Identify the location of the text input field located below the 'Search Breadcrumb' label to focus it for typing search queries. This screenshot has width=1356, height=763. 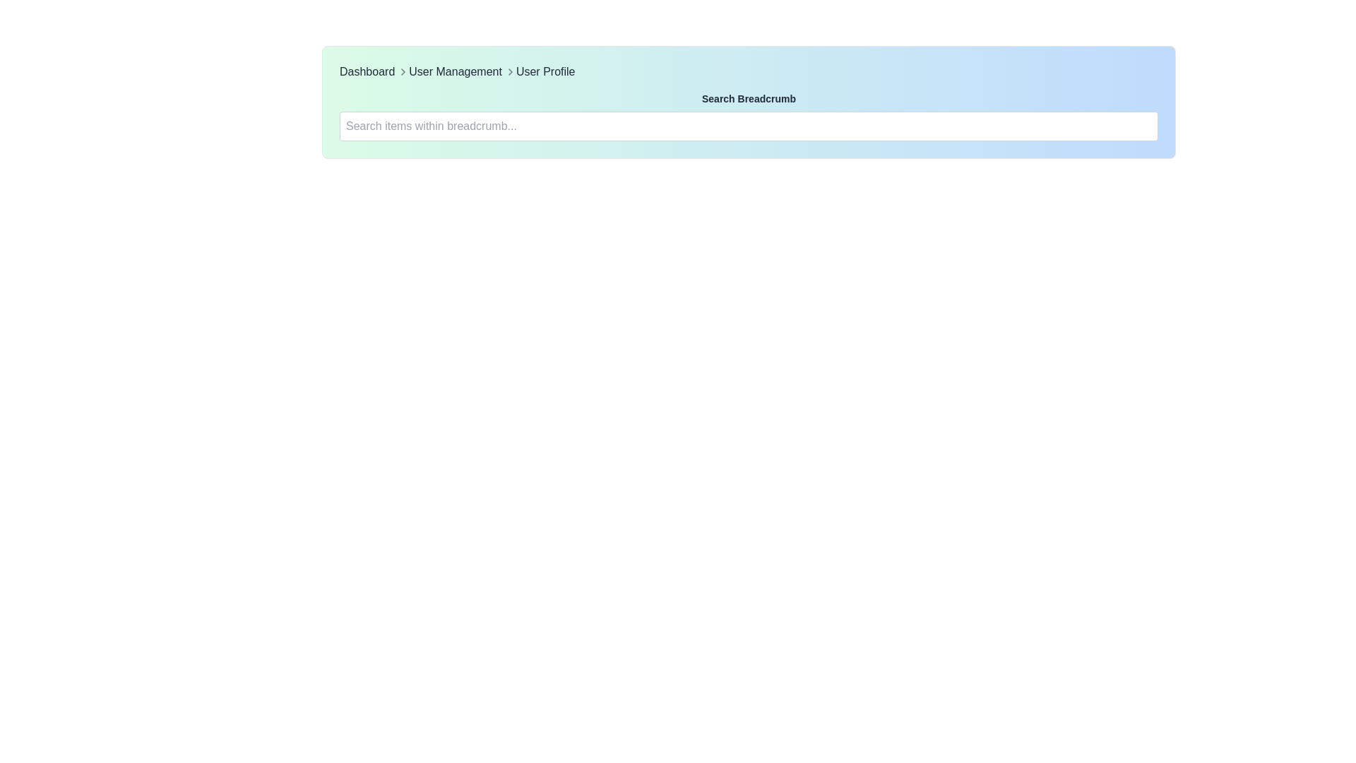
(748, 116).